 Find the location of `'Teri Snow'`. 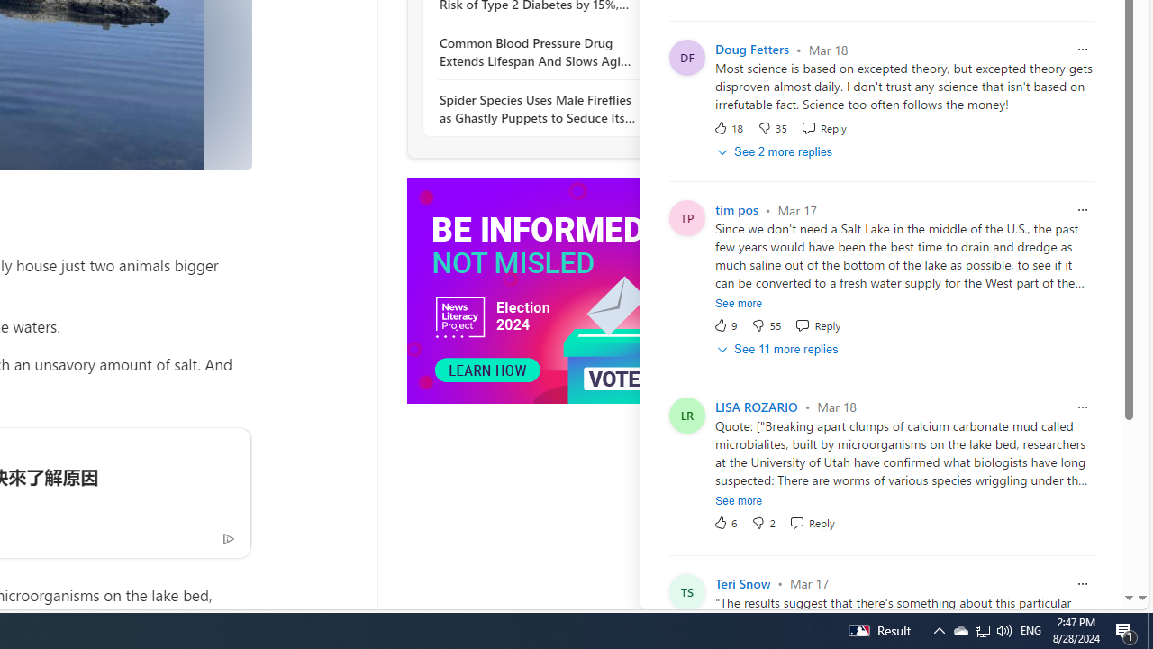

'Teri Snow' is located at coordinates (742, 583).